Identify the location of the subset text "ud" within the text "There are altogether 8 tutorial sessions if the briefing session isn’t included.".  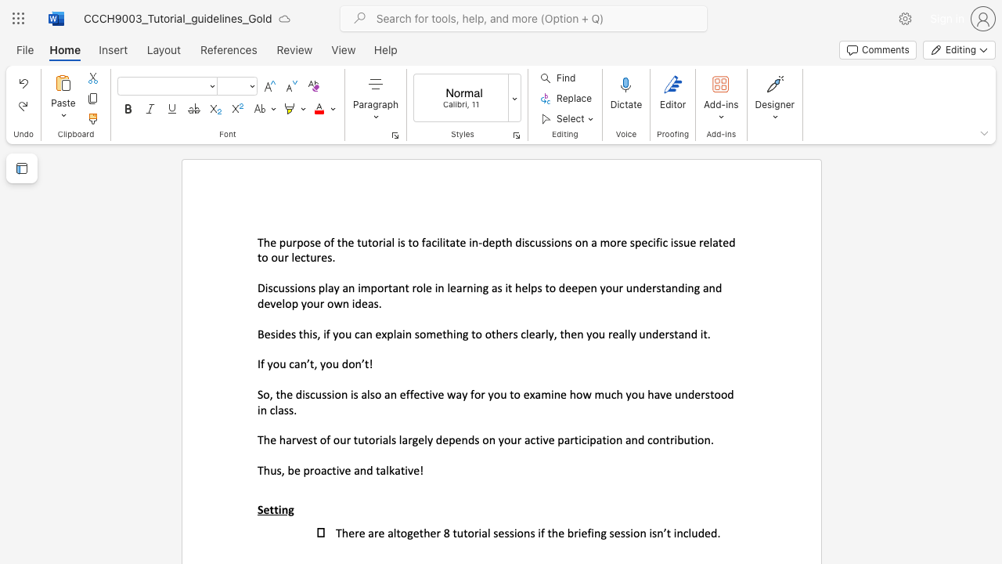
(690, 532).